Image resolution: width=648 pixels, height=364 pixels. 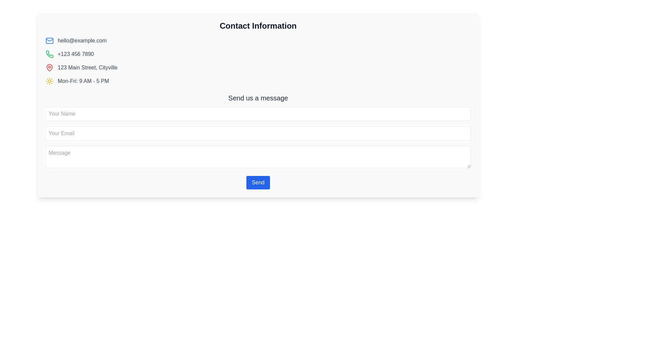 I want to click on the phone number text label '+123 456 7890' which is displayed in gray text style and is positioned next to a green phone icon, located in the second entry of the contact information list, so click(x=76, y=54).